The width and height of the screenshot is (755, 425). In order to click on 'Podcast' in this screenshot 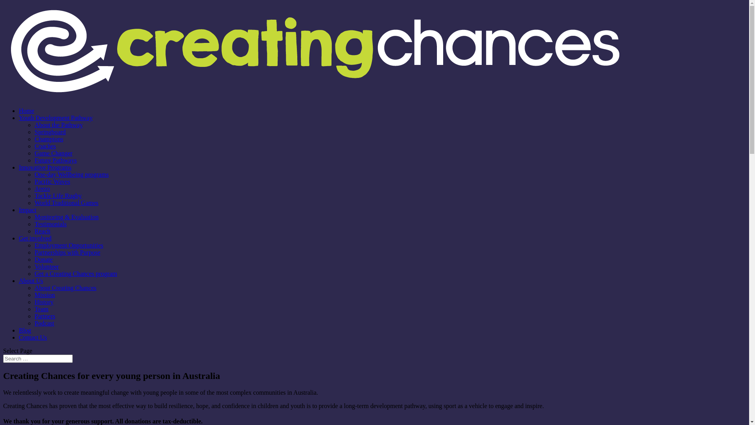, I will do `click(44, 323)`.